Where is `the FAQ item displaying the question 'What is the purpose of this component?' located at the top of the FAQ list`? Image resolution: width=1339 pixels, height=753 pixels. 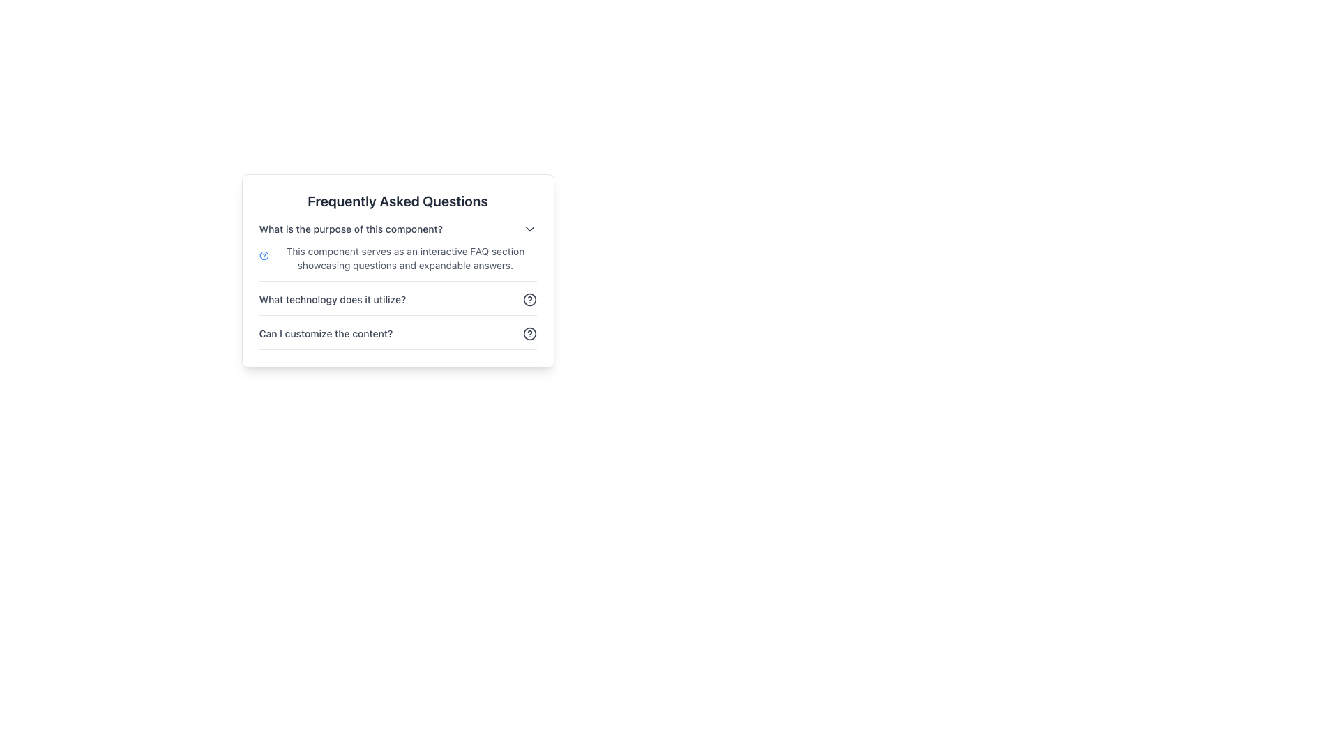
the FAQ item displaying the question 'What is the purpose of this component?' located at the top of the FAQ list is located at coordinates (397, 252).